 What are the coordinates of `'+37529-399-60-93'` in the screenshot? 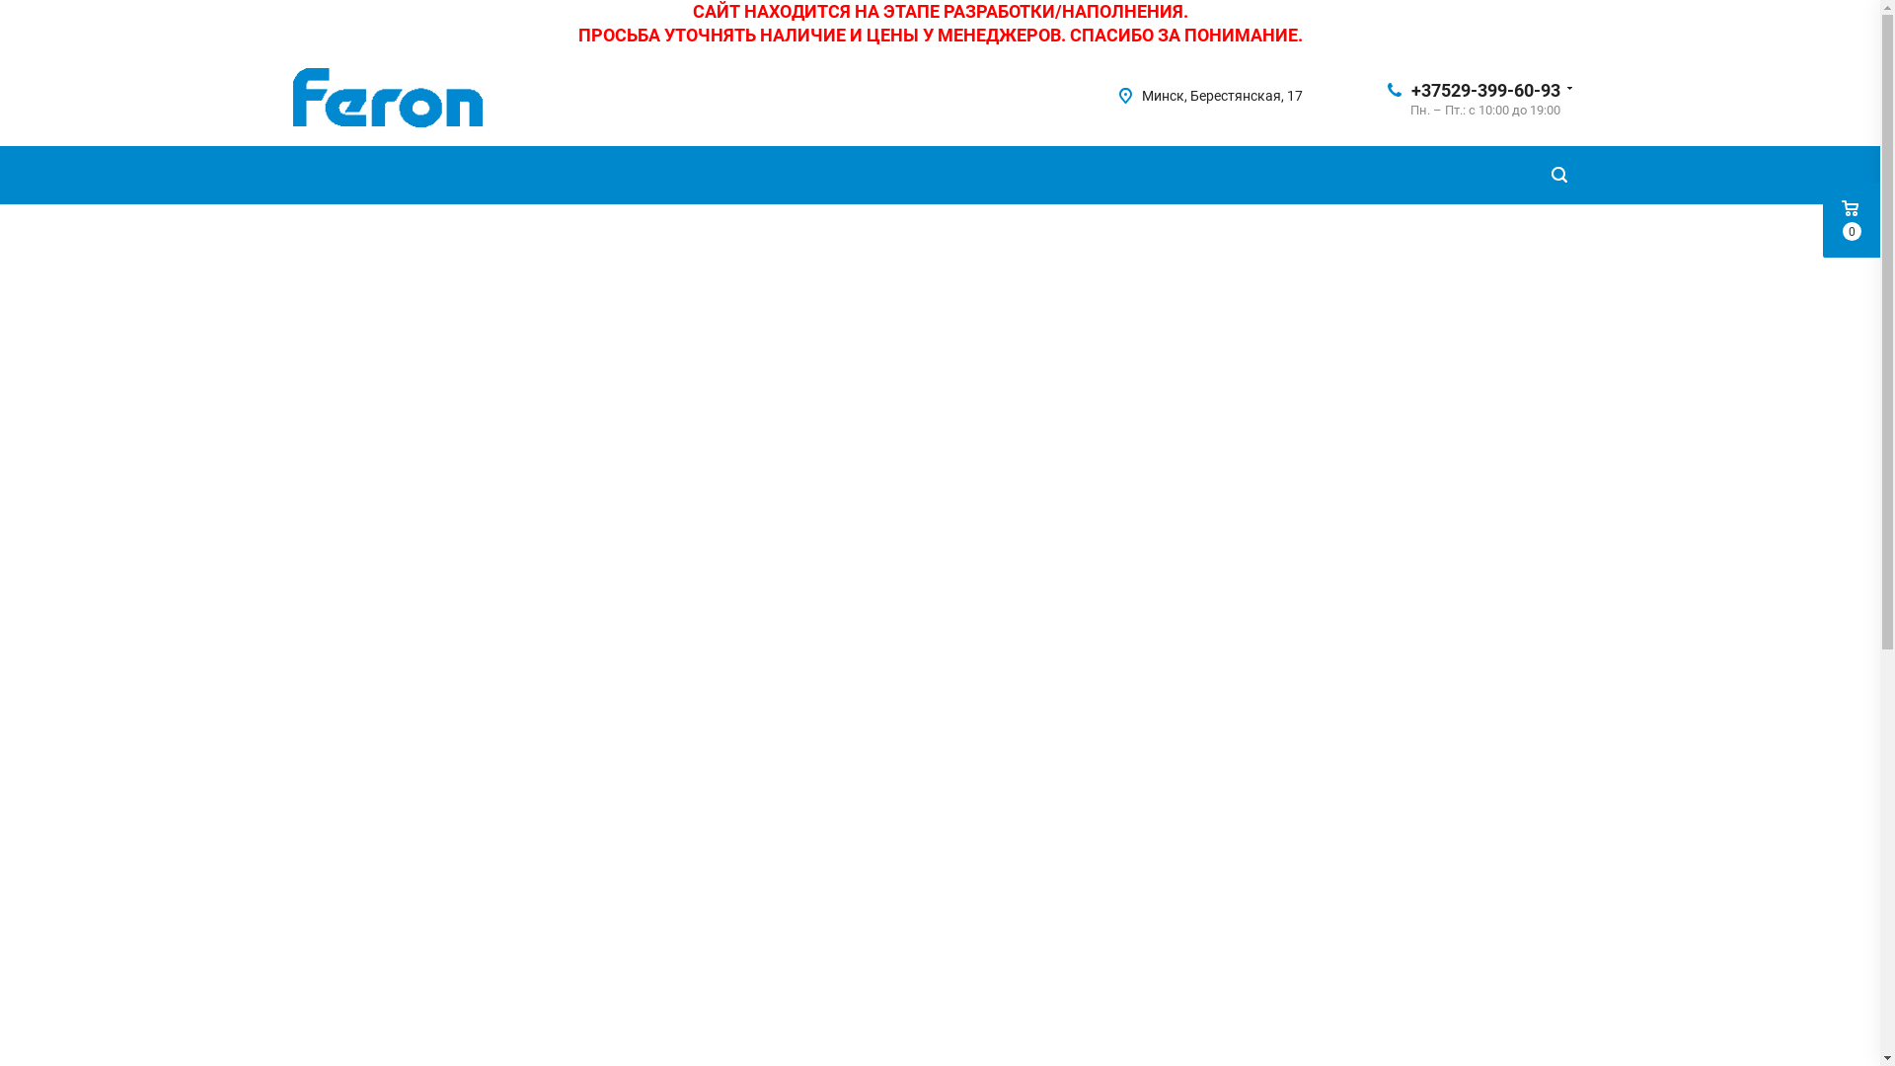 It's located at (1485, 89).